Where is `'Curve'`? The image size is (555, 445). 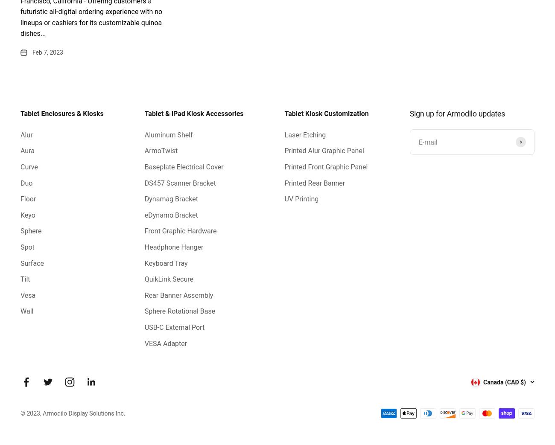
'Curve' is located at coordinates (29, 167).